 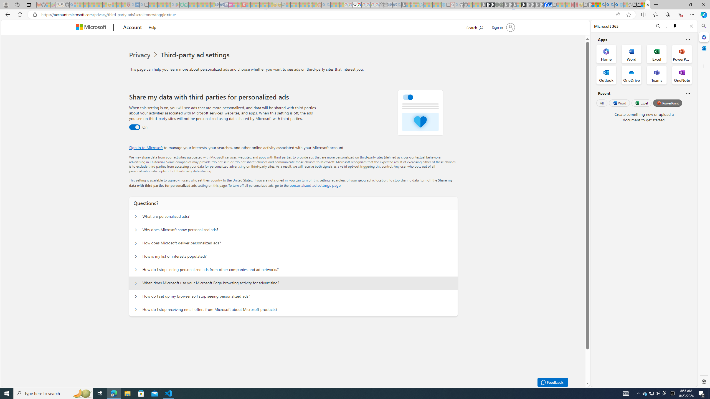 I want to click on 'Nordace | Facebook', so click(x=545, y=4).